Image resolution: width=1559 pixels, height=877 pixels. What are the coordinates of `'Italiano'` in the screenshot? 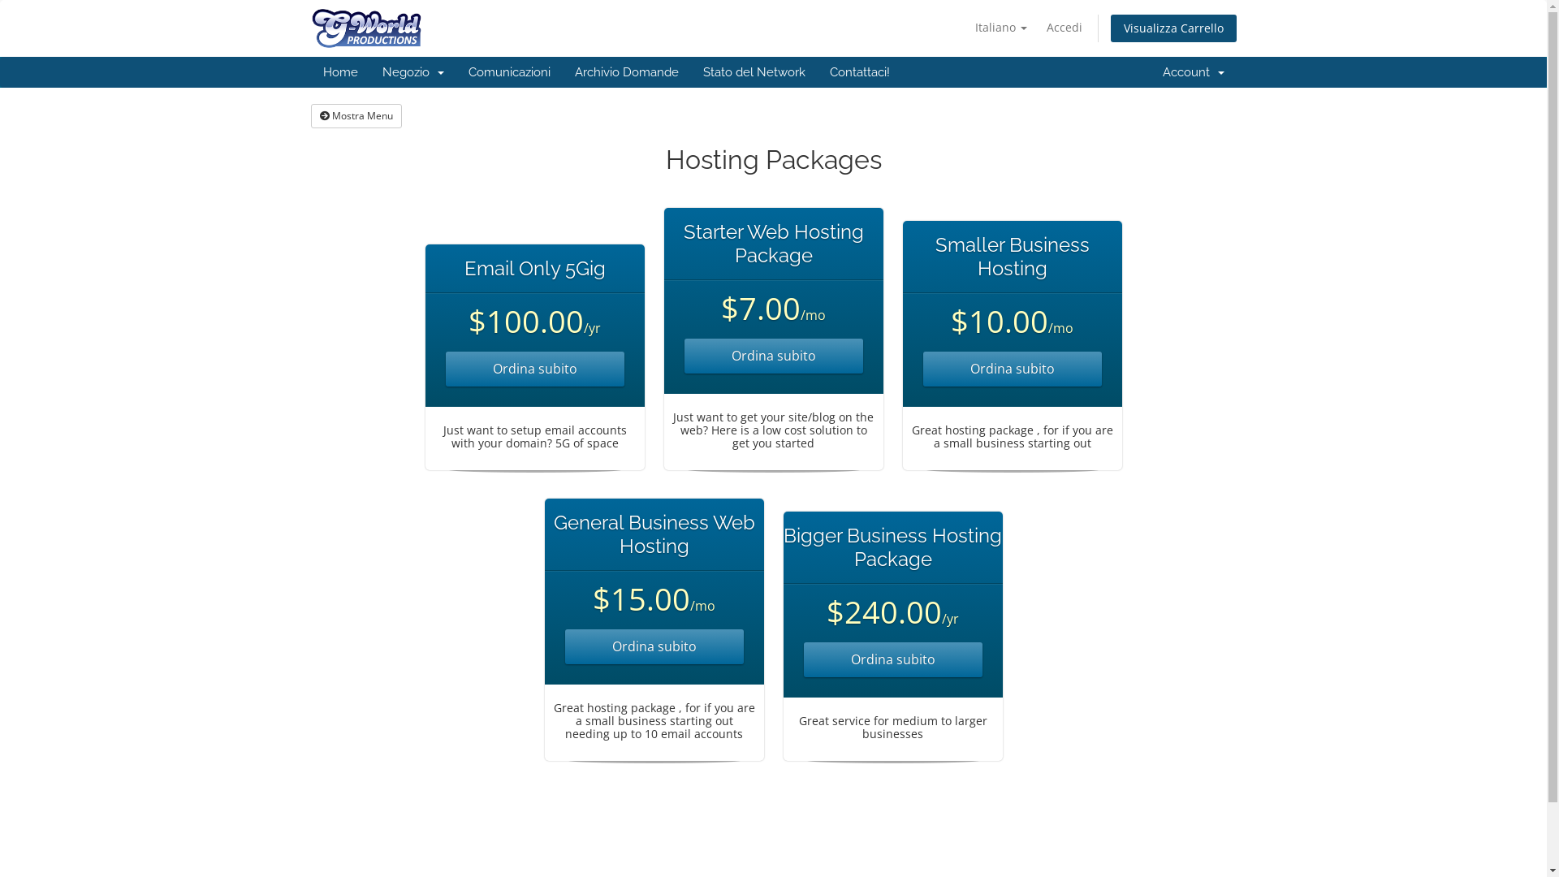 It's located at (1000, 28).